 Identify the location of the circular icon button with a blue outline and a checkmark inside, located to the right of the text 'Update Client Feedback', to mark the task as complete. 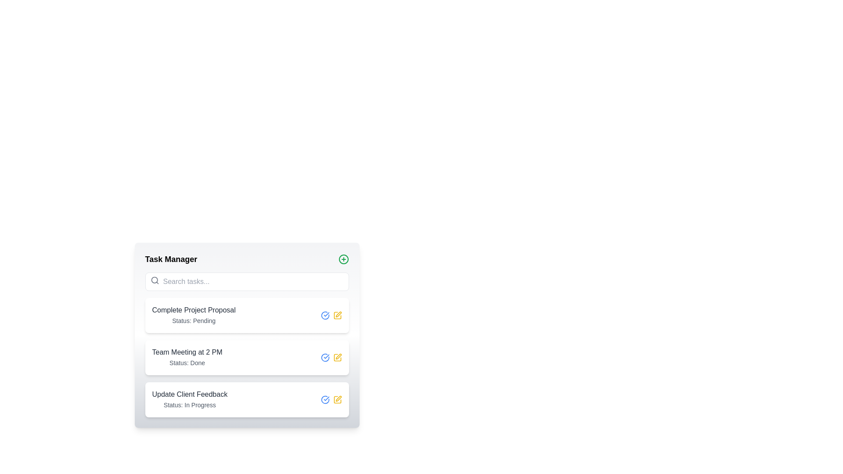
(324, 399).